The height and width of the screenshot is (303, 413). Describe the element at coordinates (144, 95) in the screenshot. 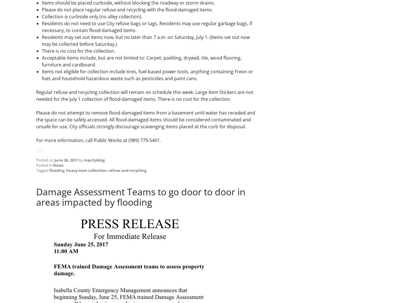

I see `'Regular refuse and recycling collection will remain on schedule this week. Large Item Stickers are not needed for the July 1 collection of flood-damaged items. There is no cost for the collection.'` at that location.